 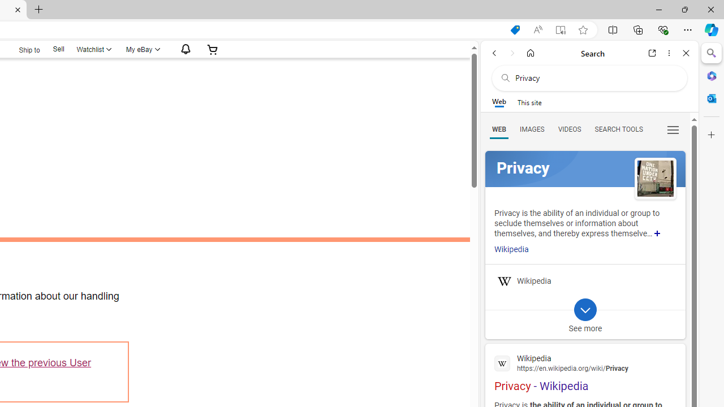 What do you see at coordinates (594, 77) in the screenshot?
I see `'Search the web'` at bounding box center [594, 77].